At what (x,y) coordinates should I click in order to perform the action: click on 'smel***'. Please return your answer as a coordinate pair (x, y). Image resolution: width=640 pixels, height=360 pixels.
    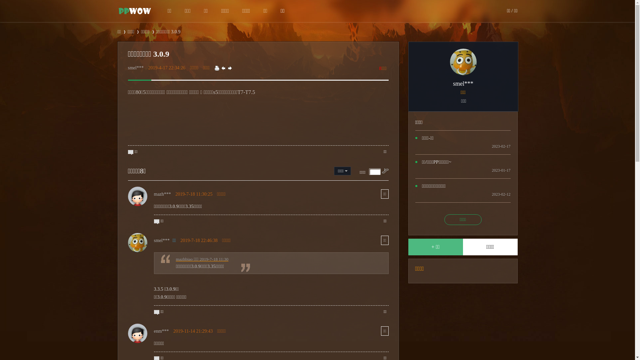
    Looking at the image, I should click on (162, 240).